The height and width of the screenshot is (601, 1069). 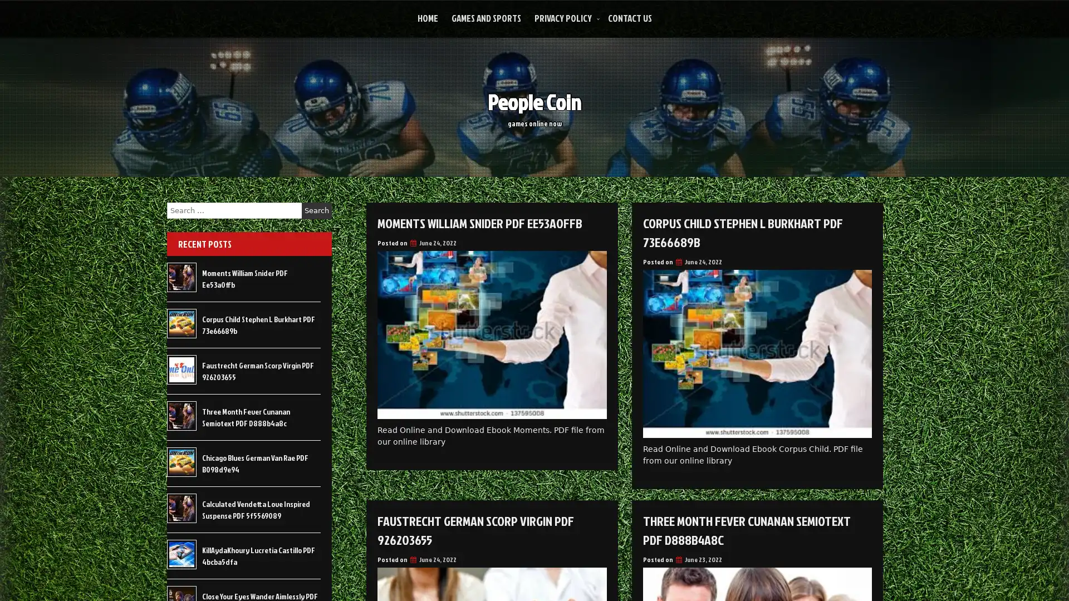 I want to click on Search, so click(x=316, y=210).